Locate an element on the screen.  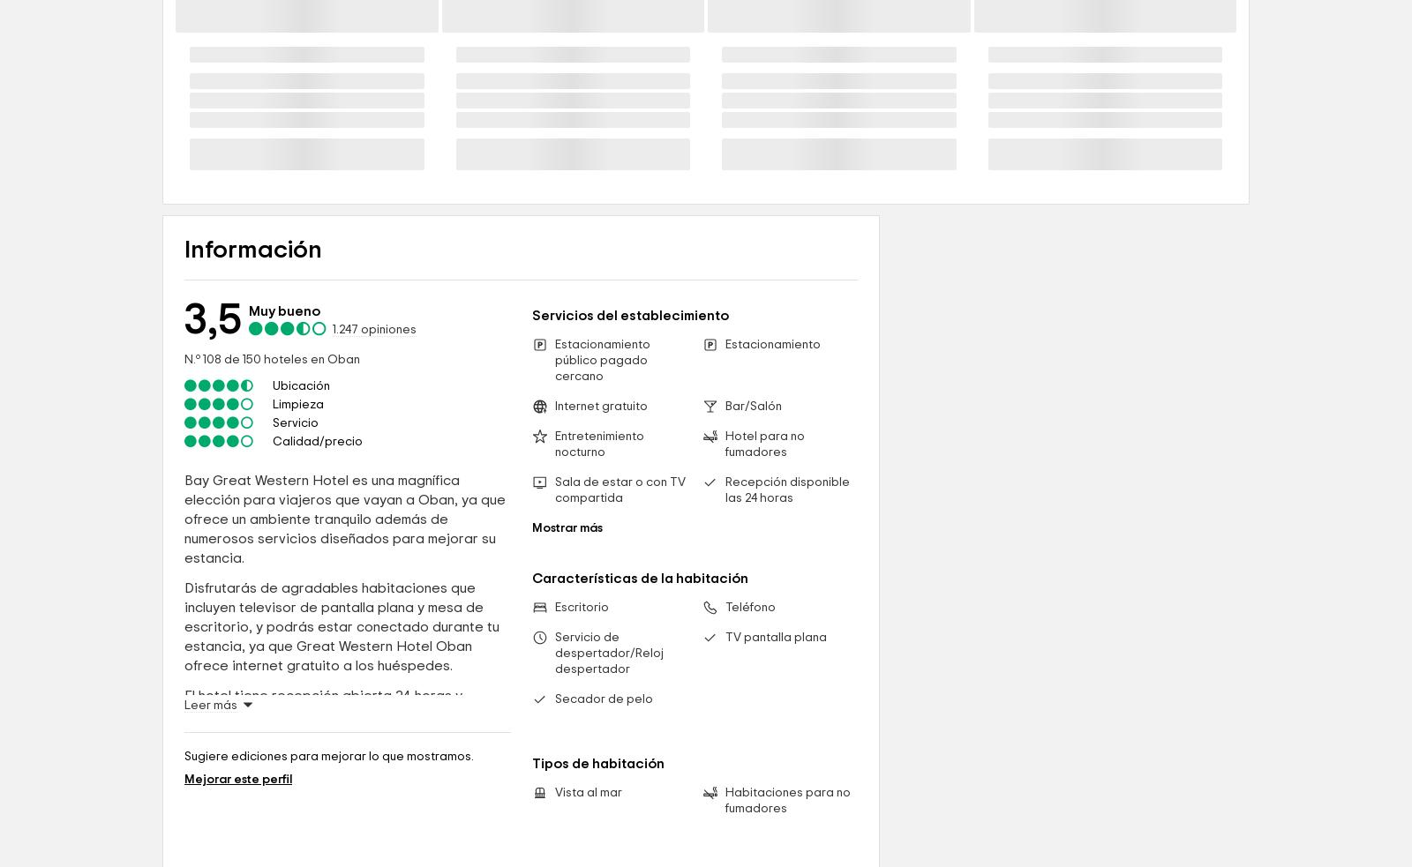
'Mostrar menos' is located at coordinates (233, 333).